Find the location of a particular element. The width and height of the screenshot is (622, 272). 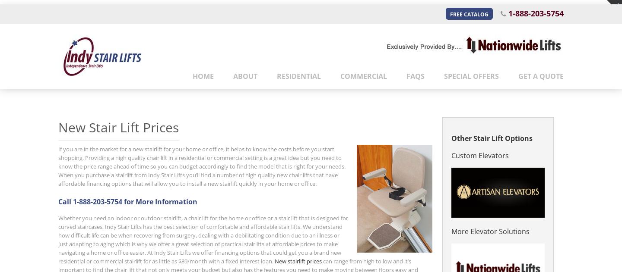

'Custom Elevators' is located at coordinates (479, 155).